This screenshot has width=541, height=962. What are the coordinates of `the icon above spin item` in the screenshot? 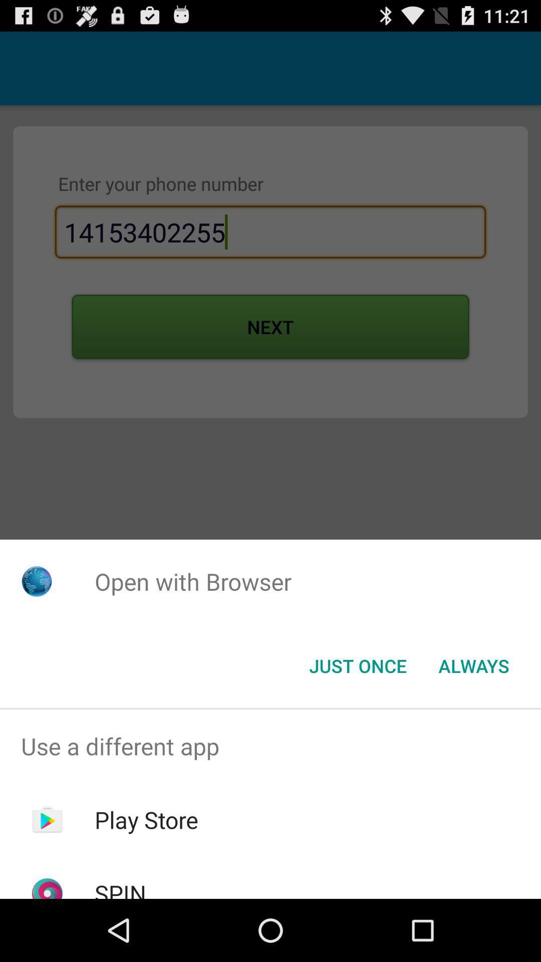 It's located at (146, 820).